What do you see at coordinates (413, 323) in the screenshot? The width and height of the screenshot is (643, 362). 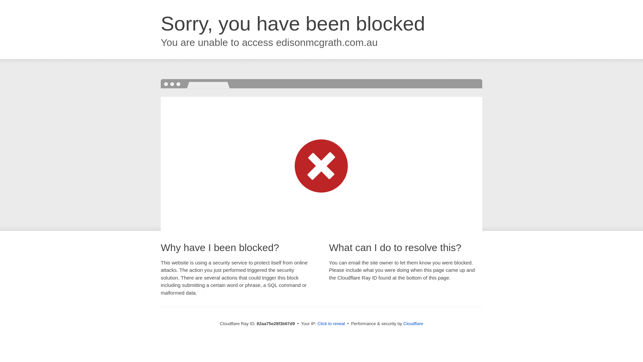 I see `'Cloudflare'` at bounding box center [413, 323].